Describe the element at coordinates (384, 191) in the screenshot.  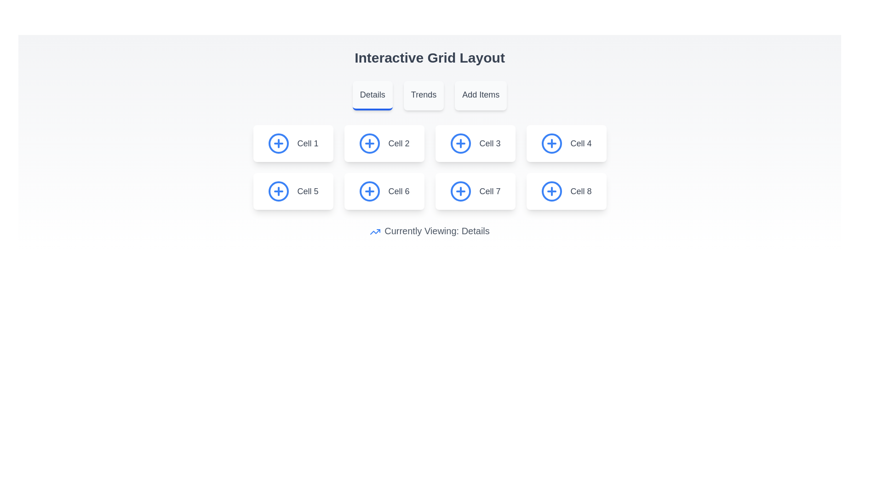
I see `the interactive card labeled 'Cell 6' with a plus icon` at that location.